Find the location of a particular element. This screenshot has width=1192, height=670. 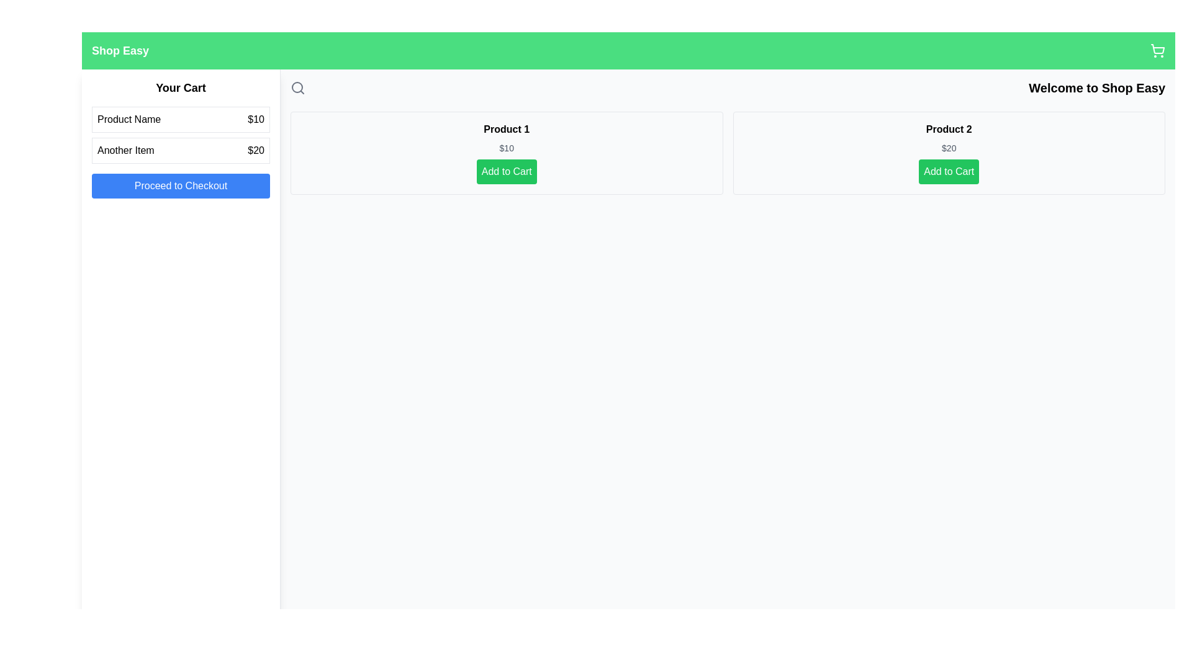

text of the second item in the 'Your Cart' section, which serves as the label for the cart item directly below 'Product Name' is located at coordinates (125, 150).